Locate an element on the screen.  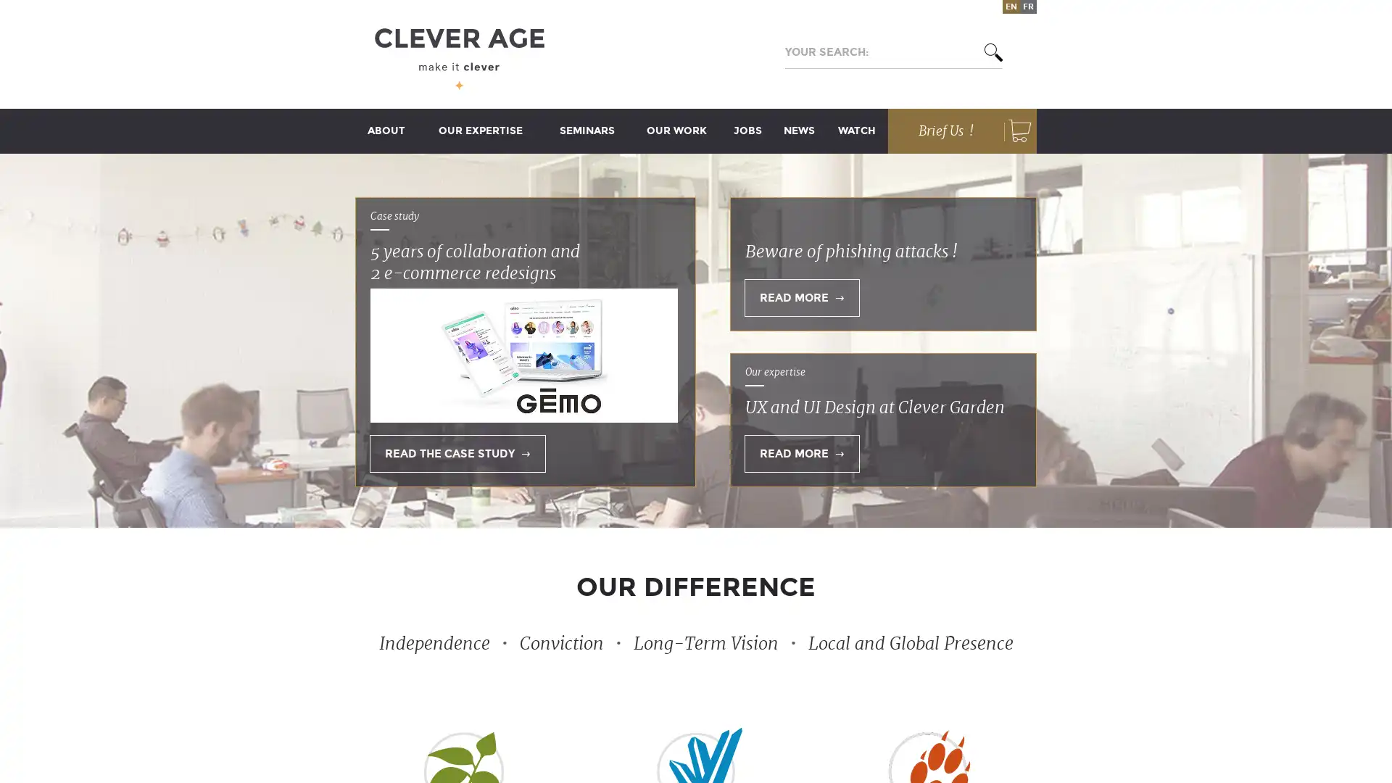
Start searching is located at coordinates (985, 51).